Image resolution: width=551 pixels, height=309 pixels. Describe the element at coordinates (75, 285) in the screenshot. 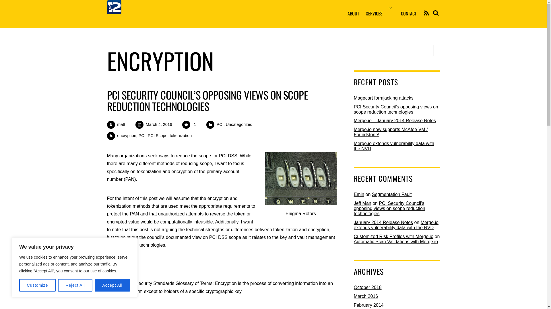

I see `'Reject All'` at that location.